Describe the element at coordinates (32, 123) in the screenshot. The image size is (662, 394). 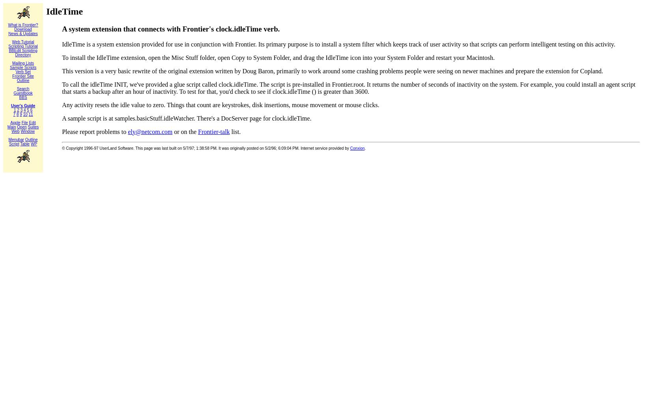
I see `'Edit'` at that location.